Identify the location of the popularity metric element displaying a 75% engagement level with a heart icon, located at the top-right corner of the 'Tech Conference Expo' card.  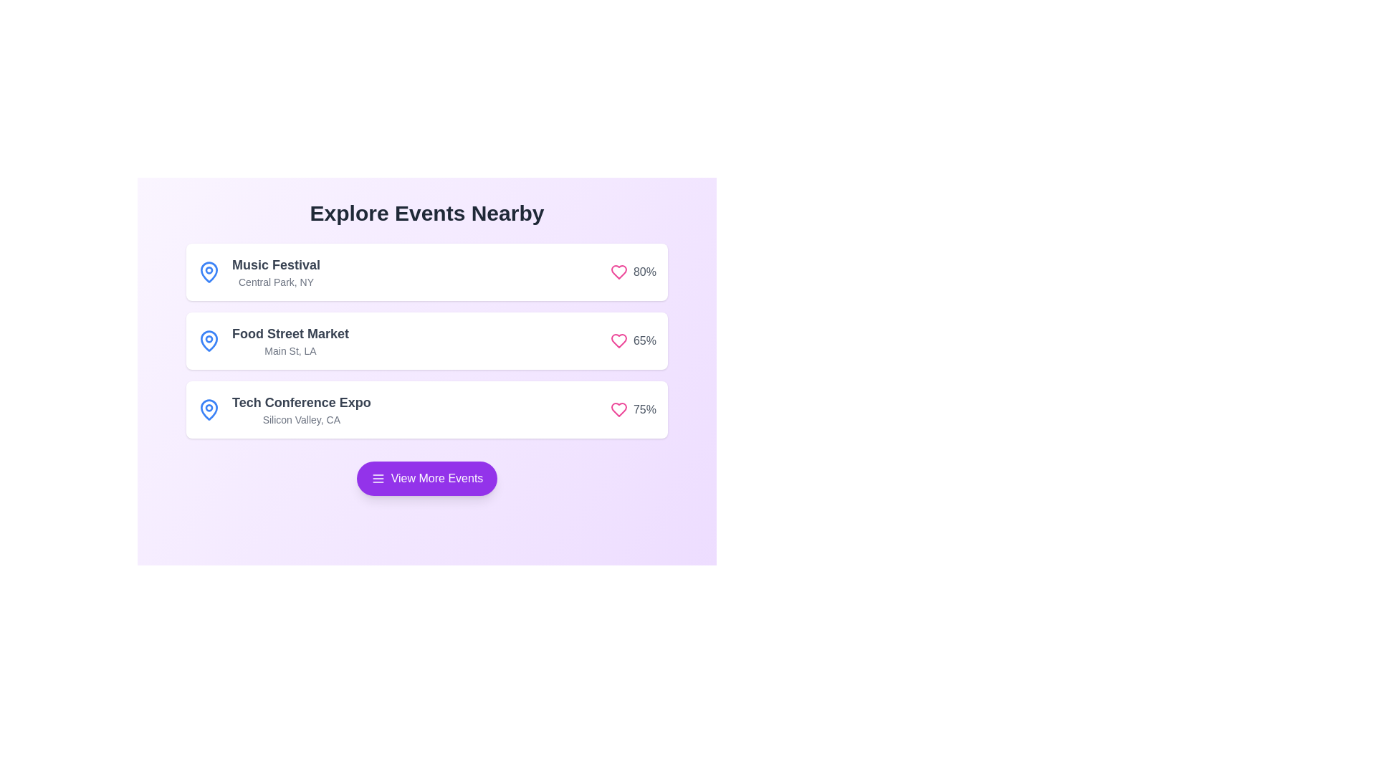
(632, 409).